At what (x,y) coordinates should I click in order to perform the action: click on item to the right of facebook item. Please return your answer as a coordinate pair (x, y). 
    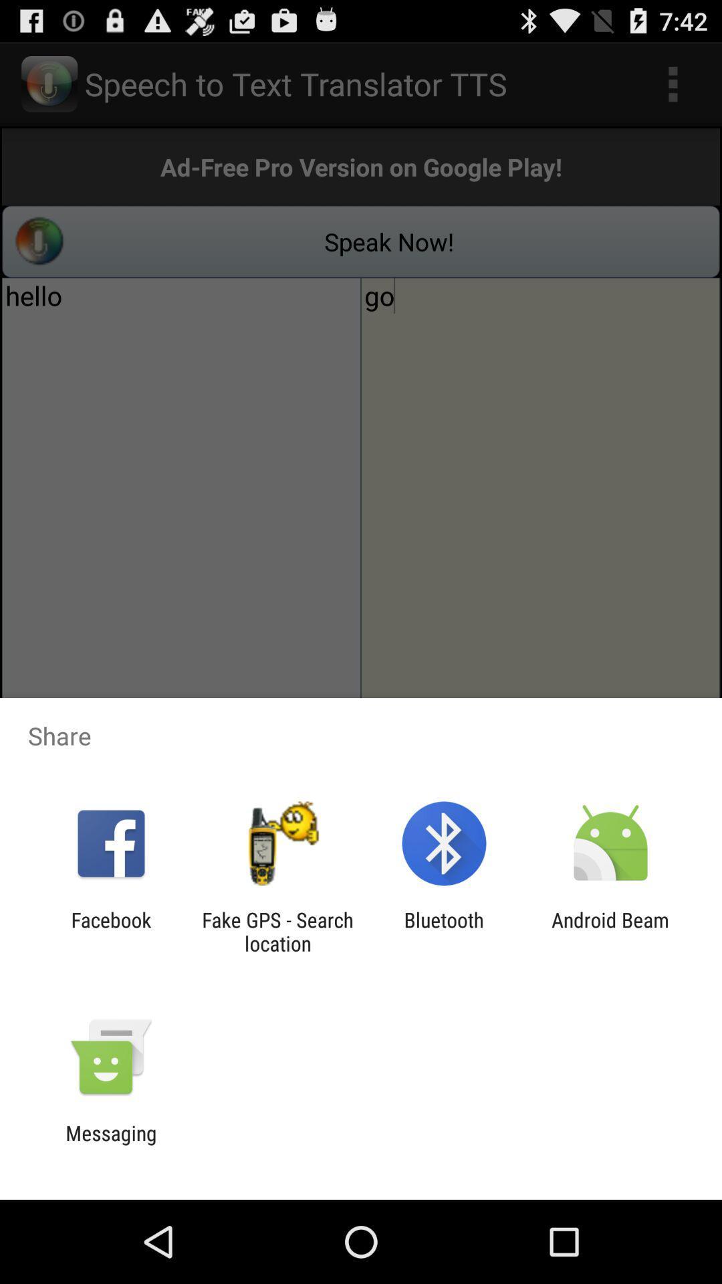
    Looking at the image, I should click on (277, 931).